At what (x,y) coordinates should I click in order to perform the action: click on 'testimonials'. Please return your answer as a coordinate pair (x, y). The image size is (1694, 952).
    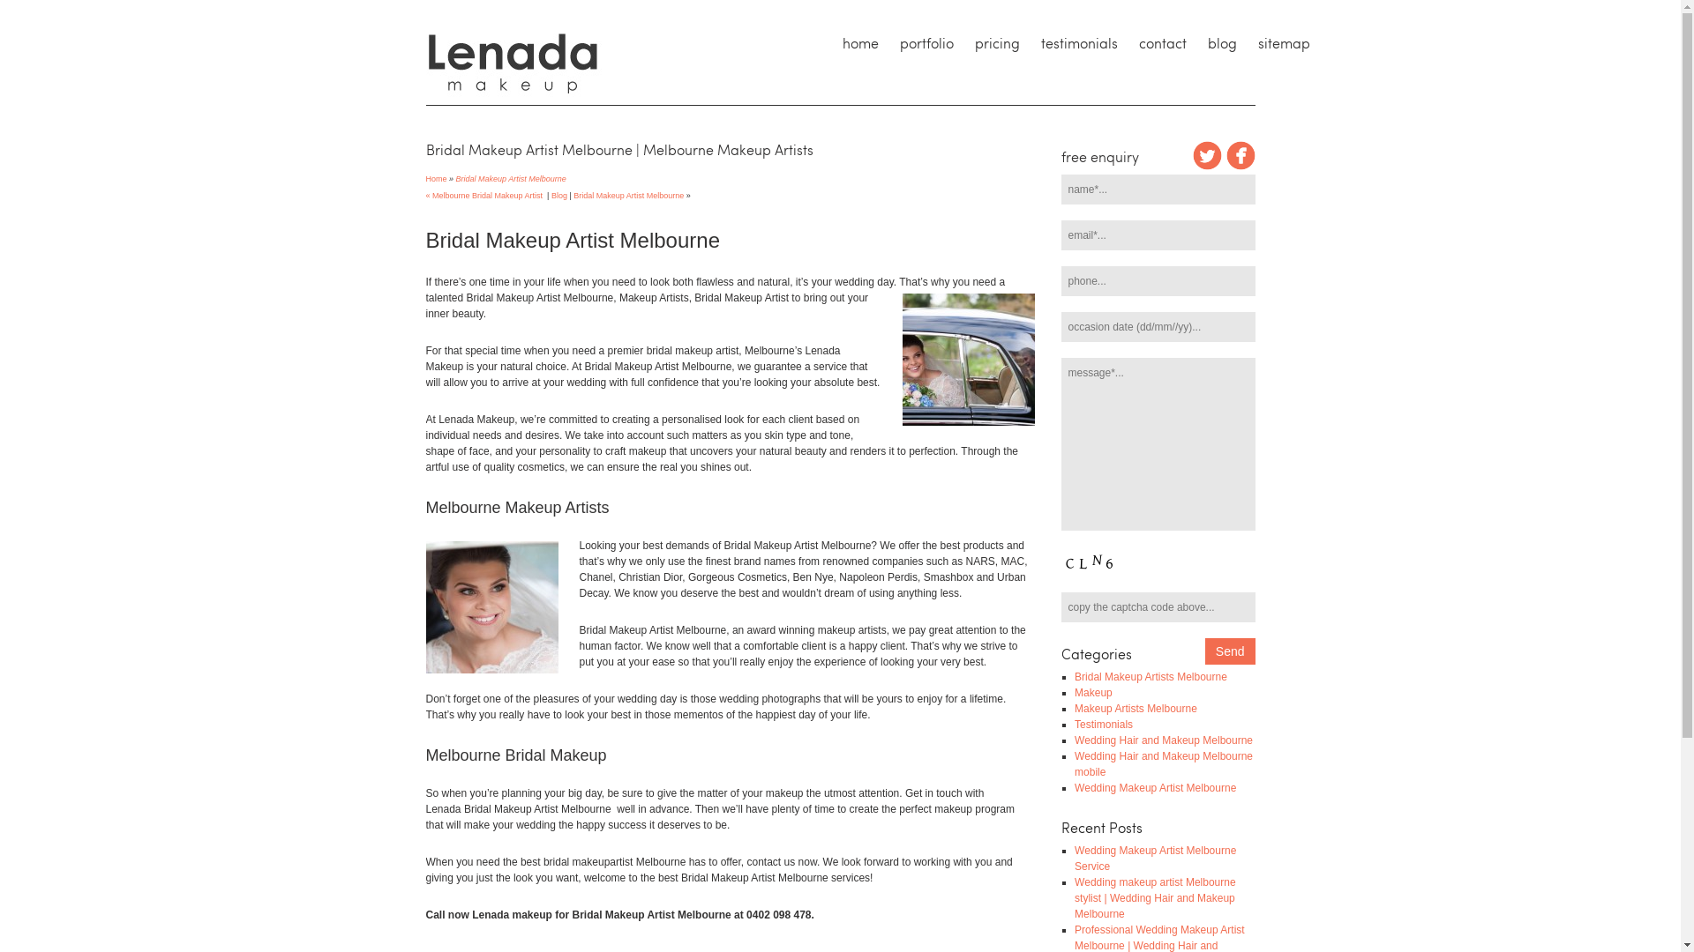
    Looking at the image, I should click on (1078, 42).